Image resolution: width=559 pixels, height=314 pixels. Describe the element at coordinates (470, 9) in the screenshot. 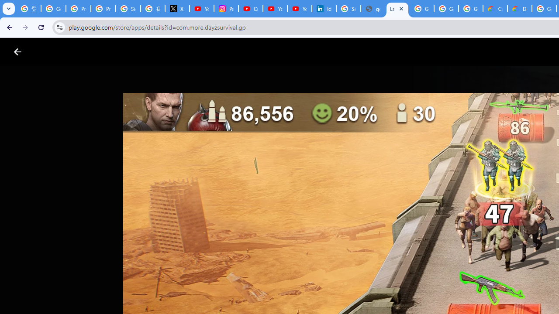

I see `'Google Workspace - Specific Terms'` at that location.